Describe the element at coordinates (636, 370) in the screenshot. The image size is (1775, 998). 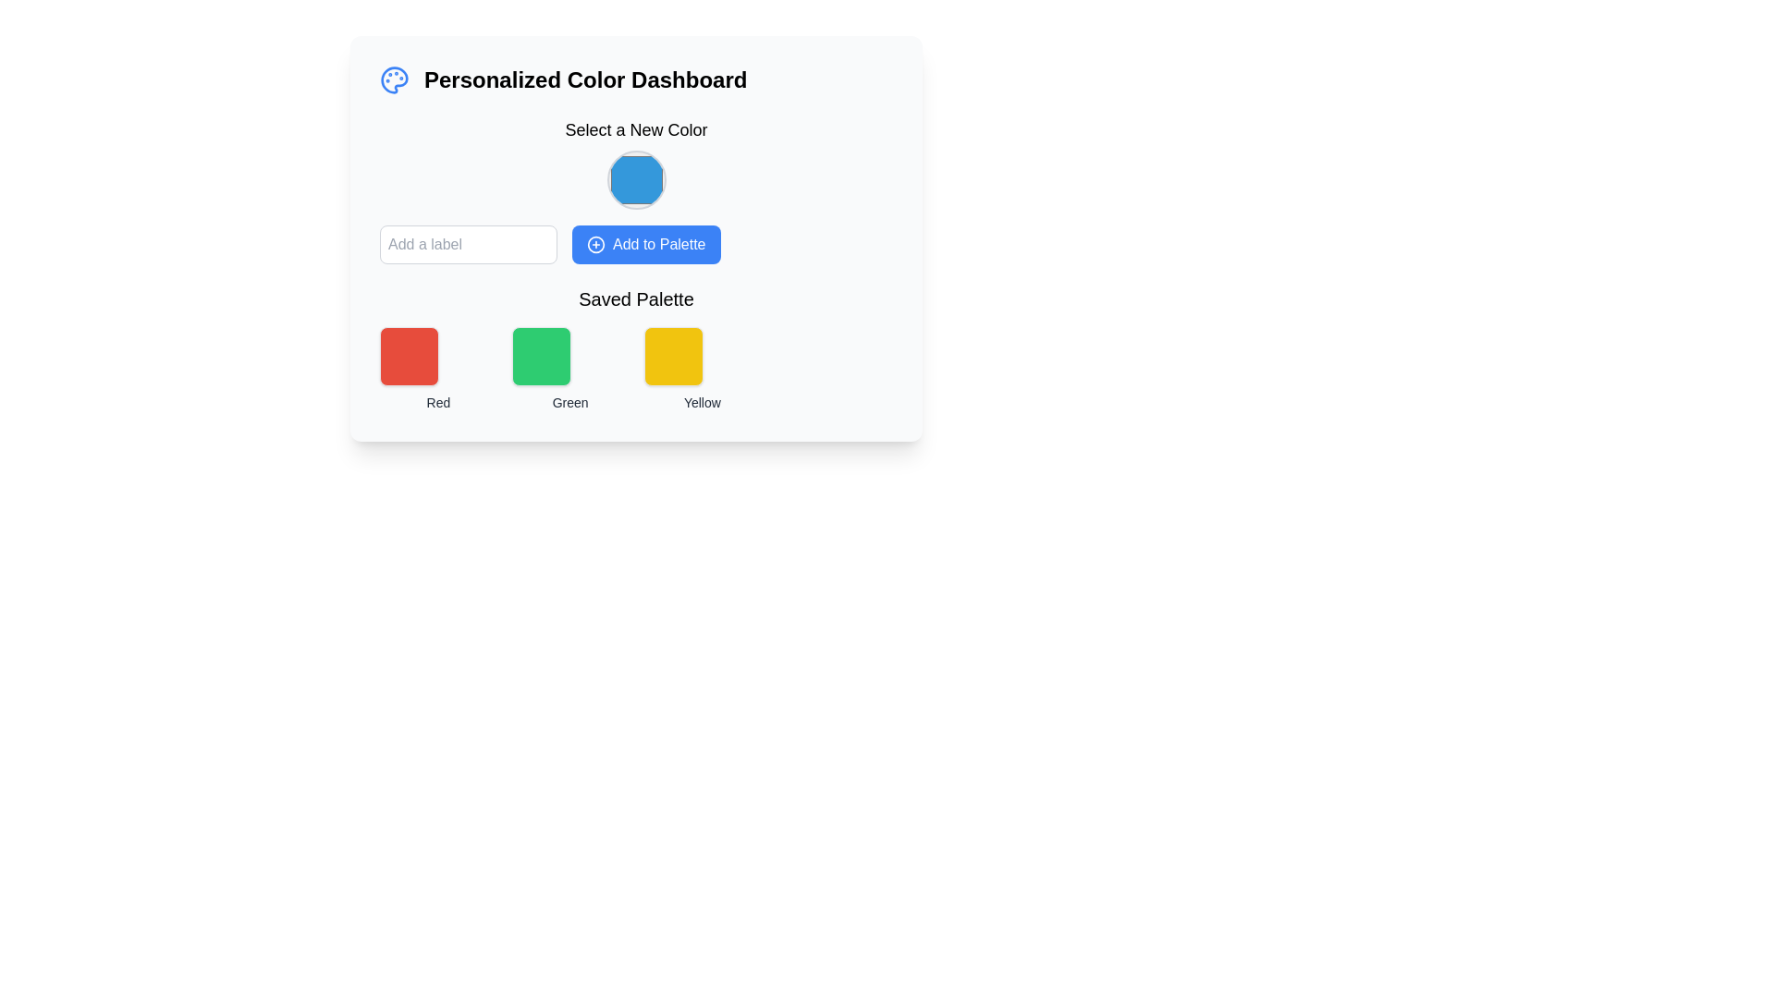
I see `the composite color layout containing red, green, and yellow boxes located beneath the 'Saved Palette' title` at that location.